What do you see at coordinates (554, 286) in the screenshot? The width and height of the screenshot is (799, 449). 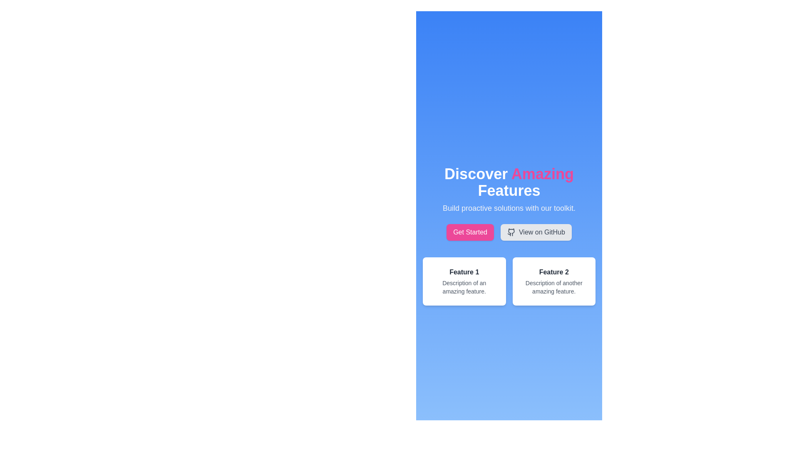 I see `the text snippet displaying 'Description of another amazing feature.' located under the 'Feature 2' heading within the feature card` at bounding box center [554, 286].